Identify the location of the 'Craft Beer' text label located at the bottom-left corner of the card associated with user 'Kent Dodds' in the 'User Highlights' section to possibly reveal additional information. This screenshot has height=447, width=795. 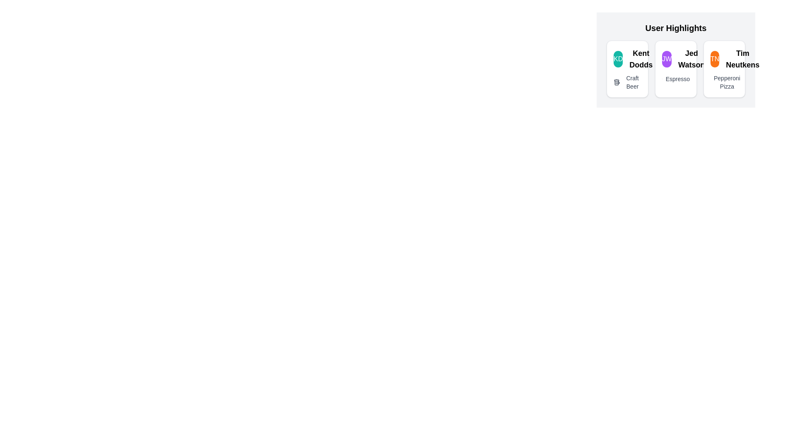
(632, 82).